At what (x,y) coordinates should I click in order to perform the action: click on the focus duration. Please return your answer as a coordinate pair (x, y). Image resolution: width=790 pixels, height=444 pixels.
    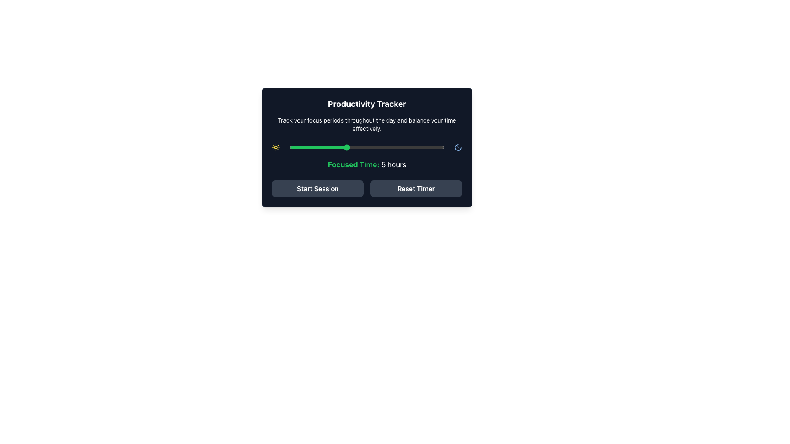
    Looking at the image, I should click on (430, 147).